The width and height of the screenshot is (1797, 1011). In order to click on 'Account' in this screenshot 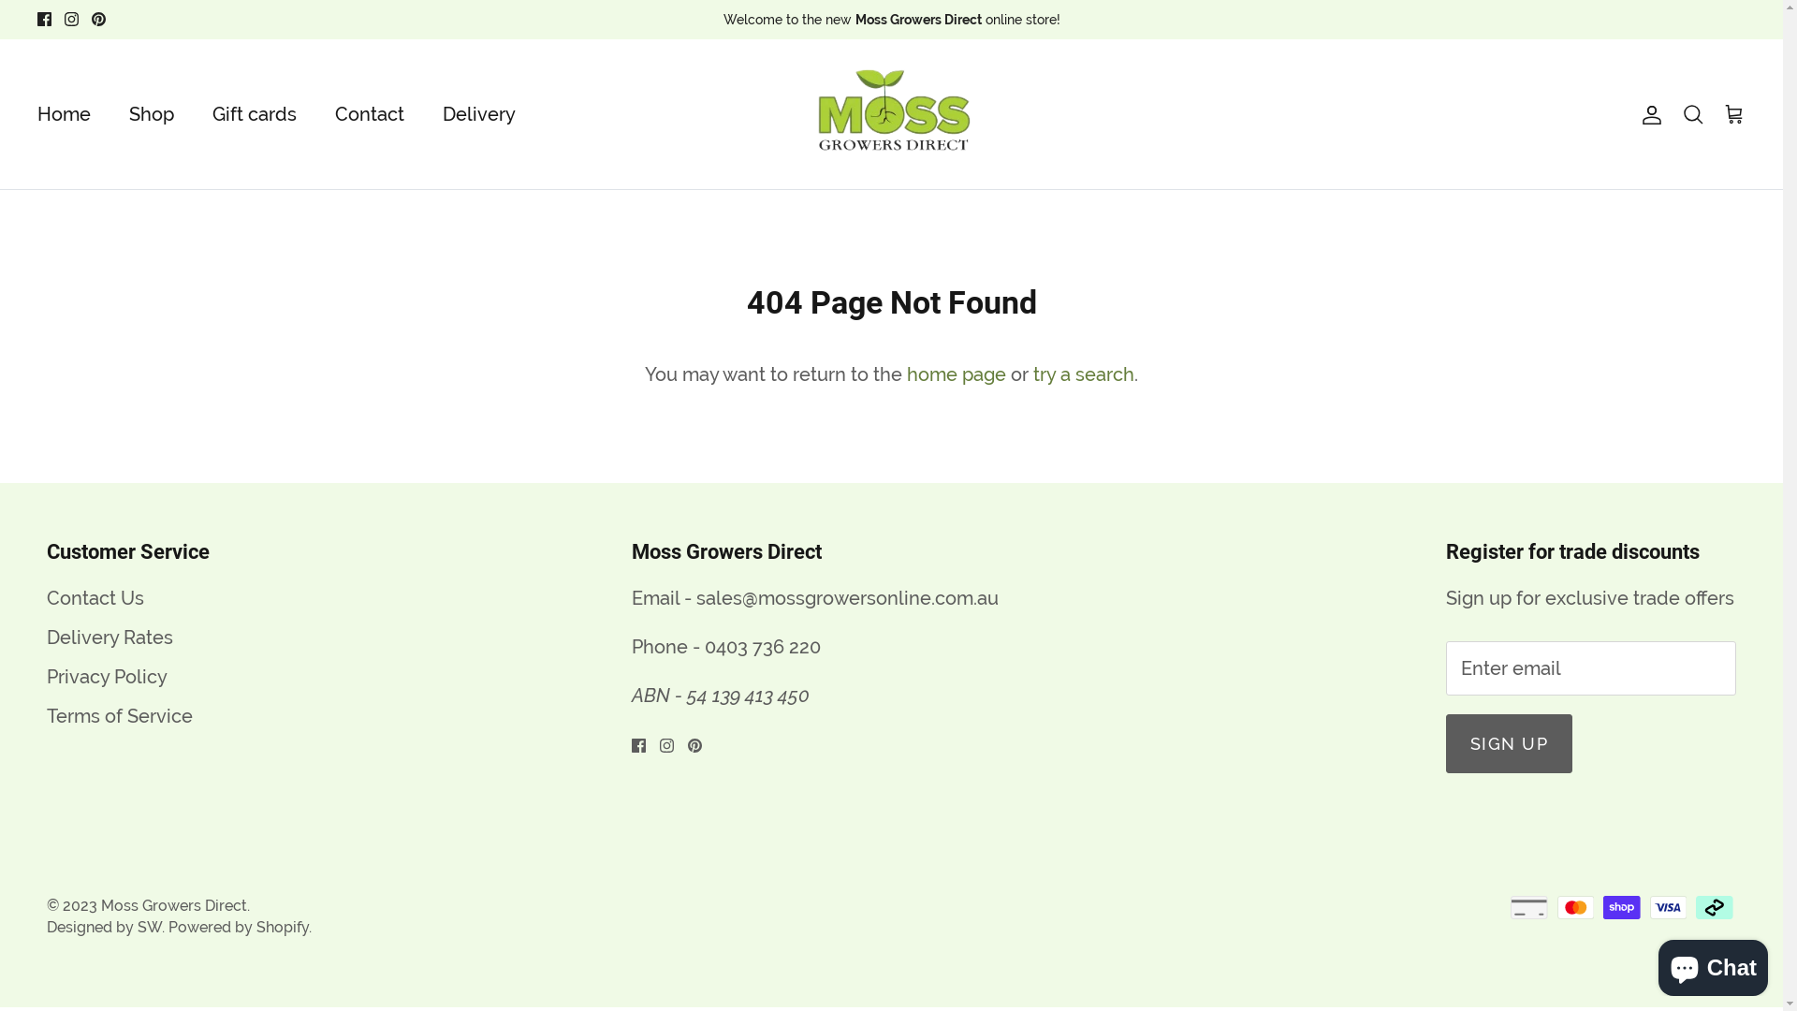, I will do `click(1648, 114)`.